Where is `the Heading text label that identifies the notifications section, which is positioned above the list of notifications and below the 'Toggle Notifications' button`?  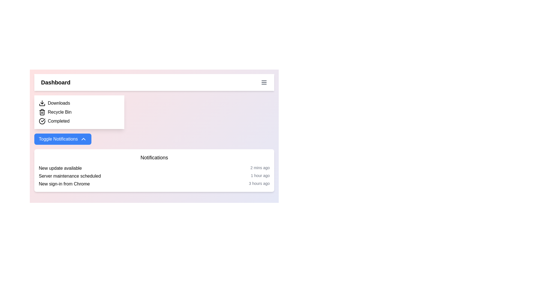 the Heading text label that identifies the notifications section, which is positioned above the list of notifications and below the 'Toggle Notifications' button is located at coordinates (154, 158).